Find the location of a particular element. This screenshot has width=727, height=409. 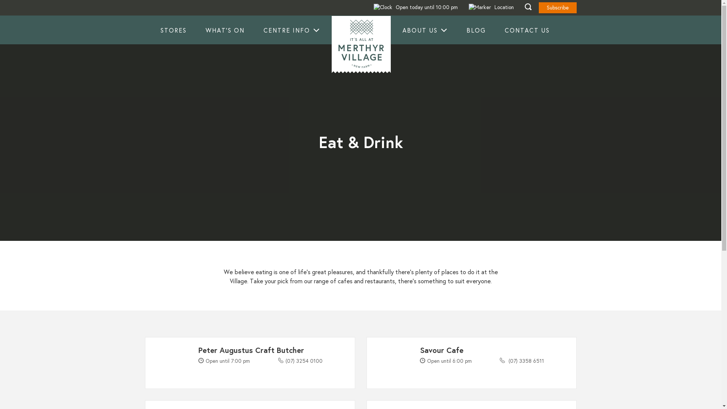

'Location' is located at coordinates (491, 7).